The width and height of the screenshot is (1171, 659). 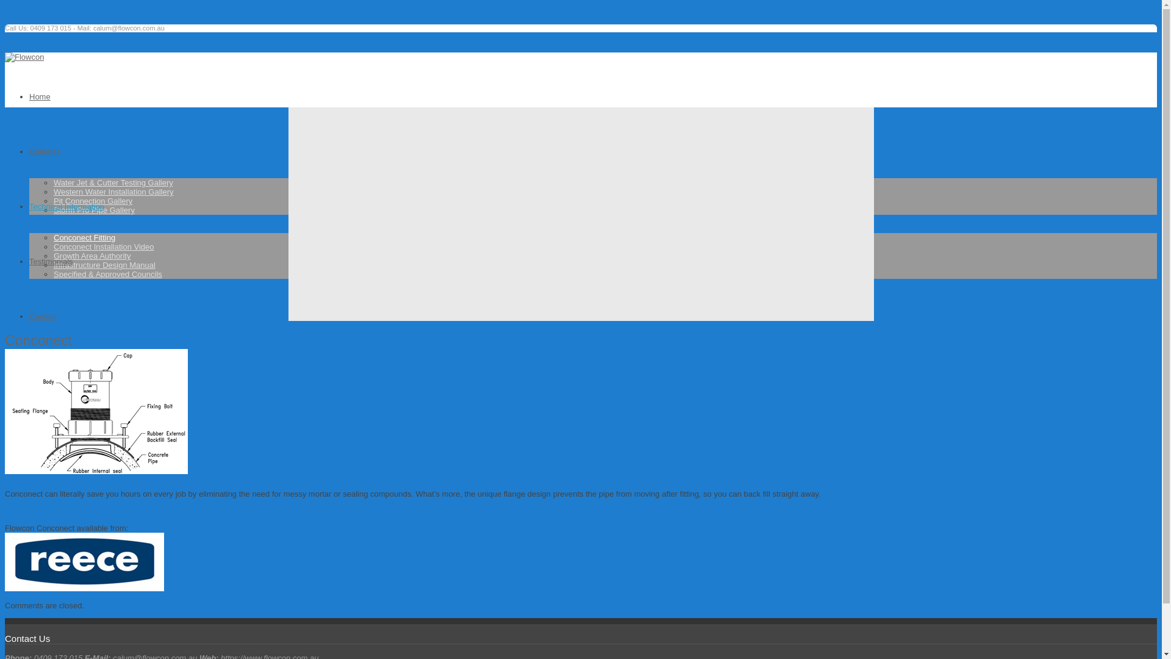 What do you see at coordinates (104, 264) in the screenshot?
I see `'Infrastructure Design Manual'` at bounding box center [104, 264].